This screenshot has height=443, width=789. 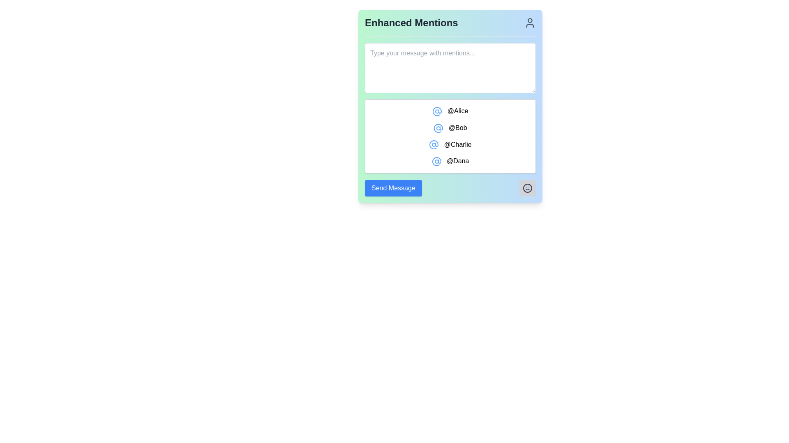 What do you see at coordinates (434, 144) in the screenshot?
I see `the '@' icon representing the username 'Charlie' in the third entry of the 'Enhanced Mentions' panel` at bounding box center [434, 144].